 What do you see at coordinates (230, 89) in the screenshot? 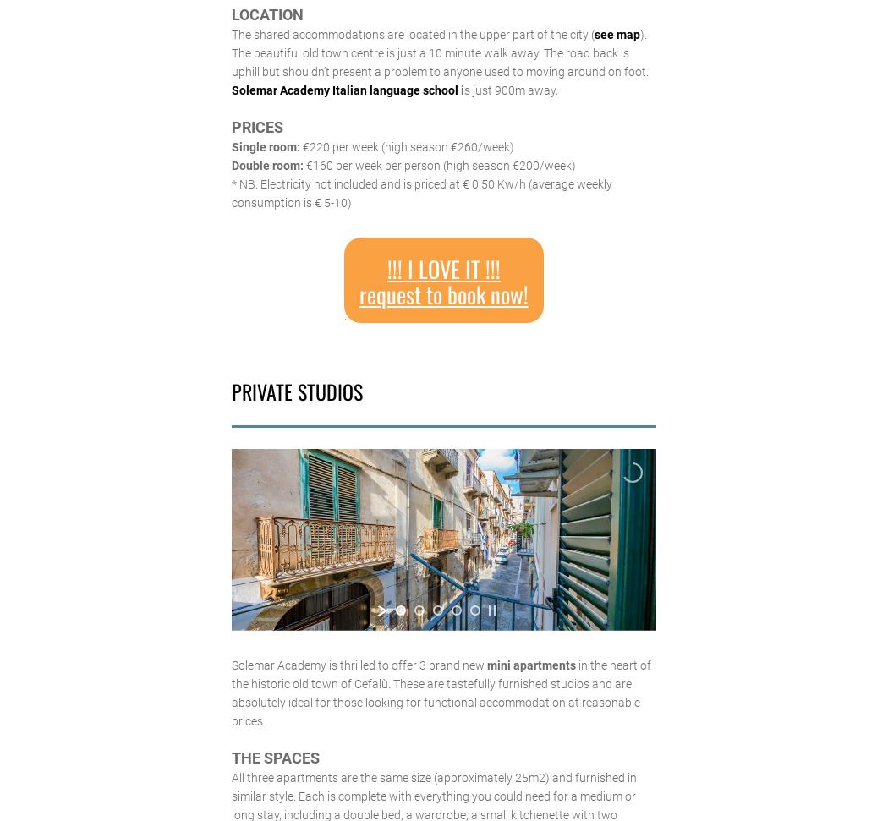
I see `'Solemar Academy Italian language school'` at bounding box center [230, 89].